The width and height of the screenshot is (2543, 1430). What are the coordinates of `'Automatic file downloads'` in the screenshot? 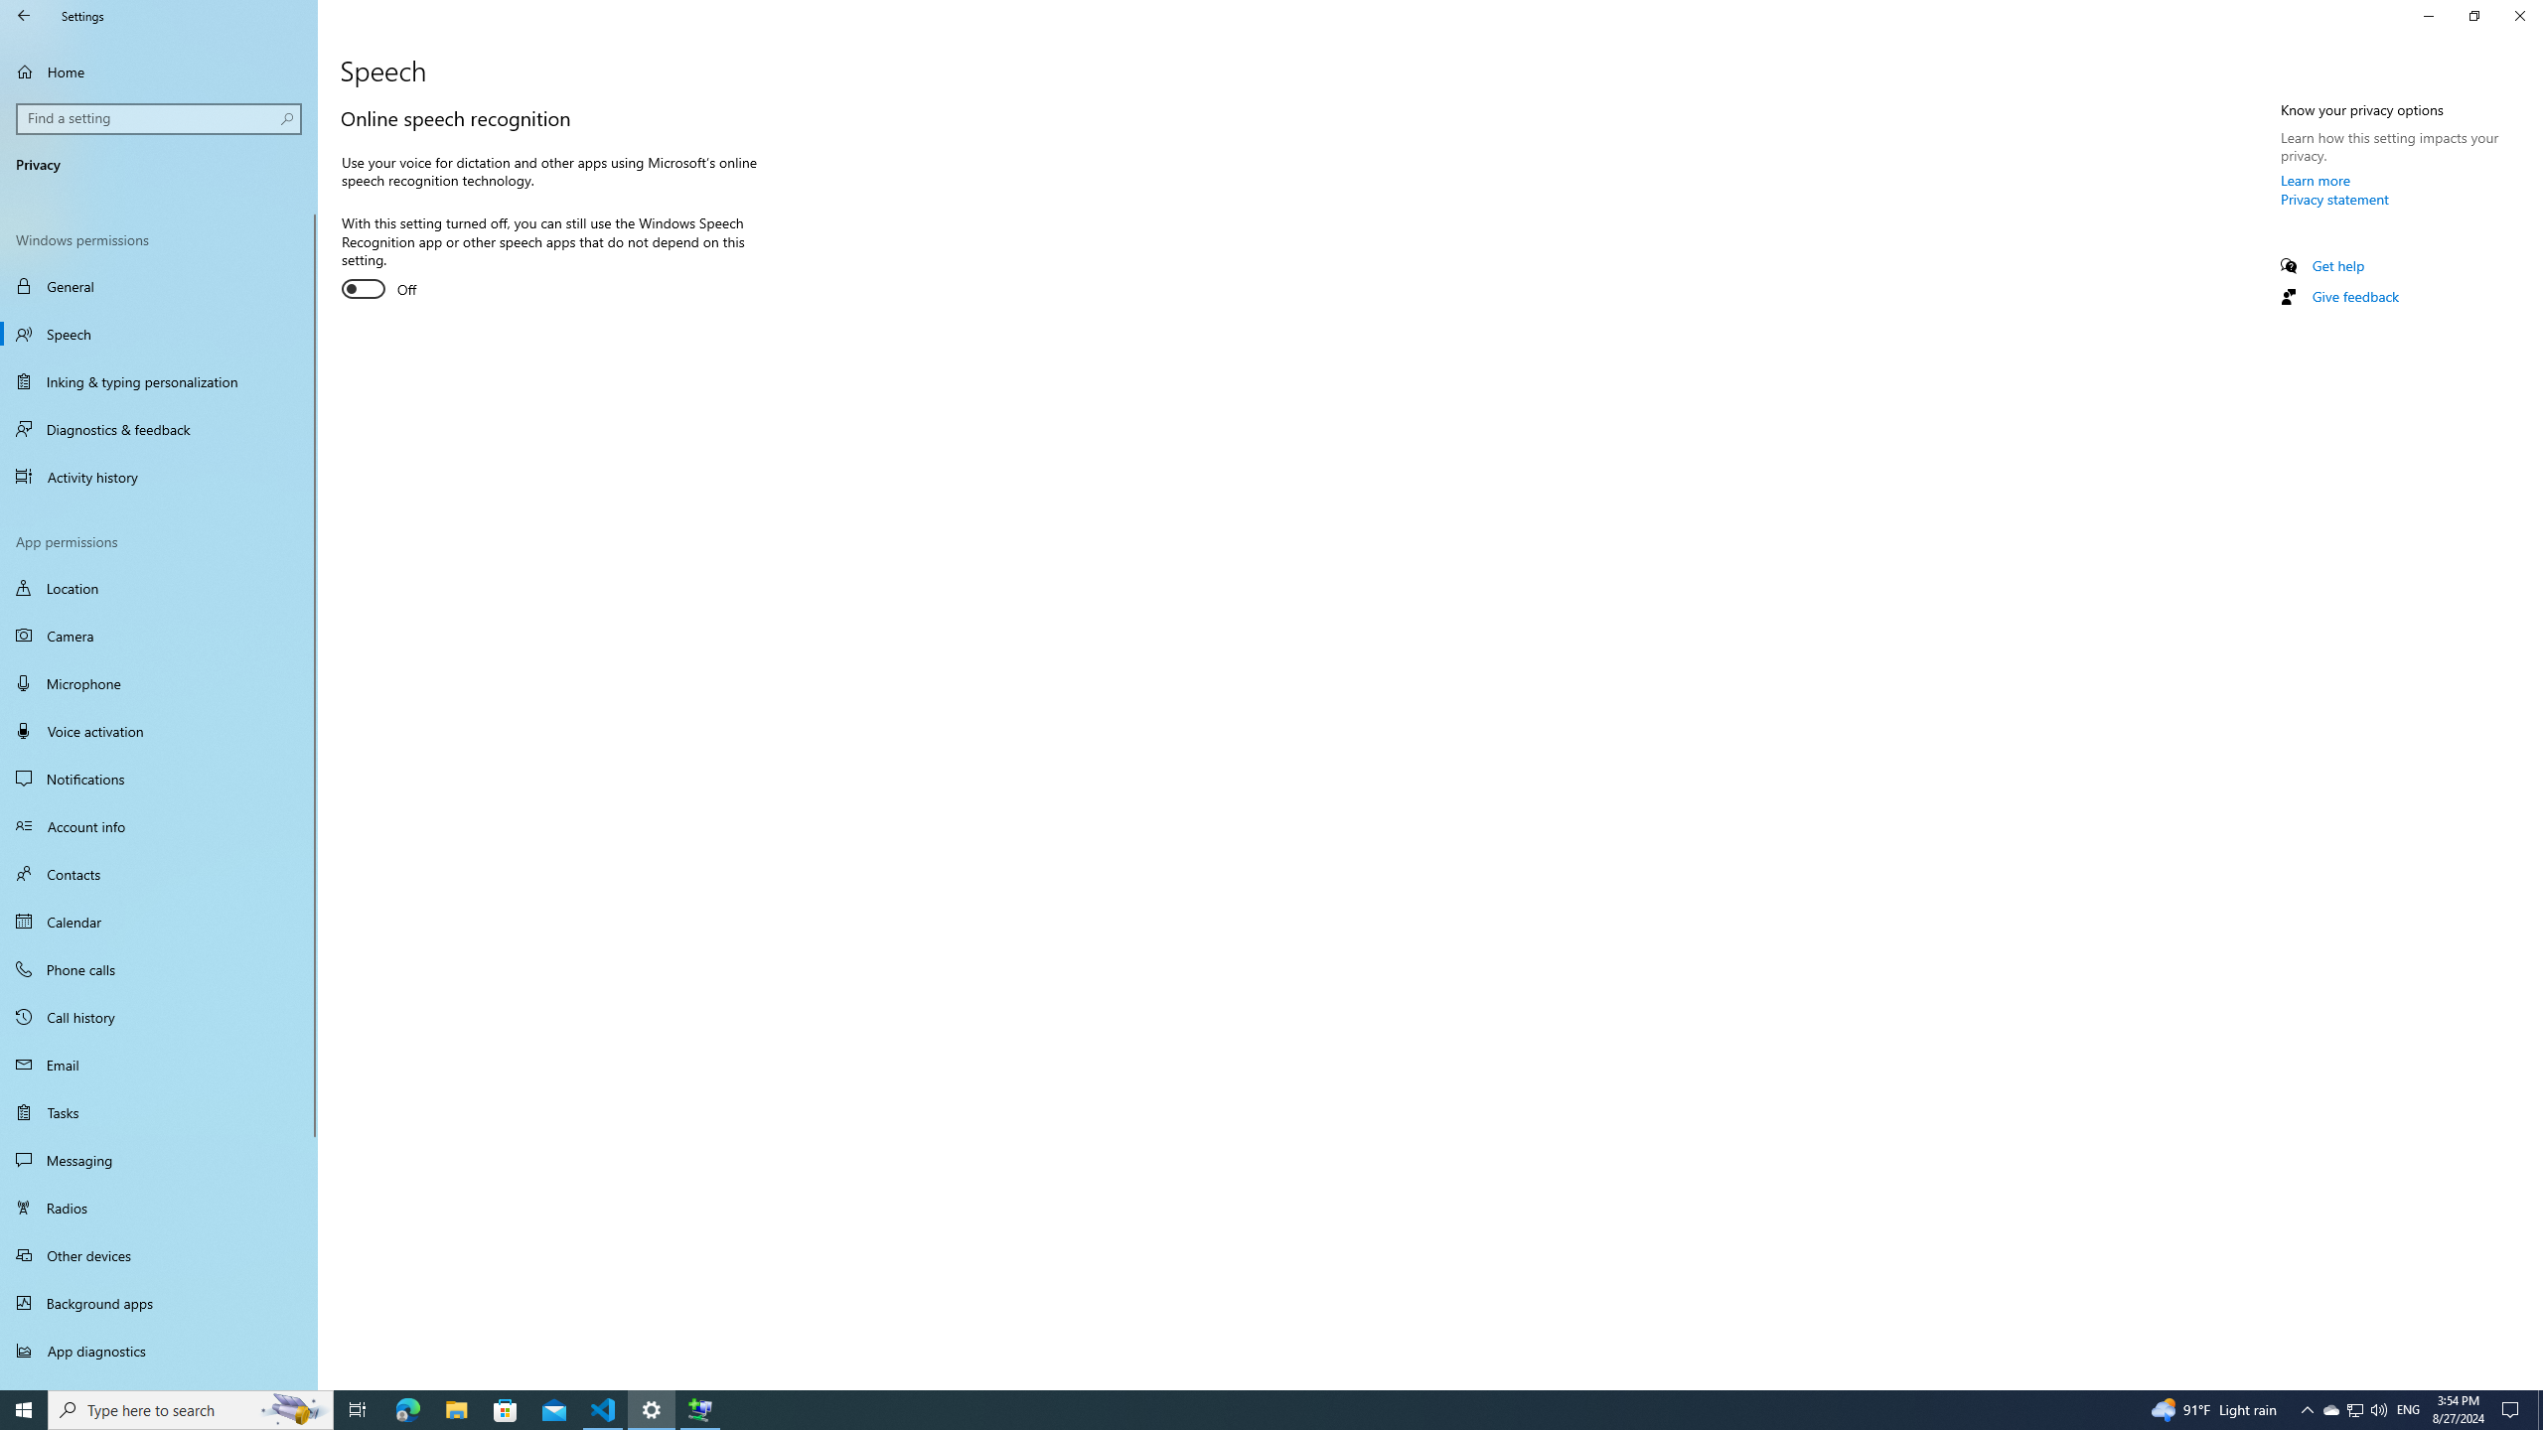 It's located at (158, 1380).